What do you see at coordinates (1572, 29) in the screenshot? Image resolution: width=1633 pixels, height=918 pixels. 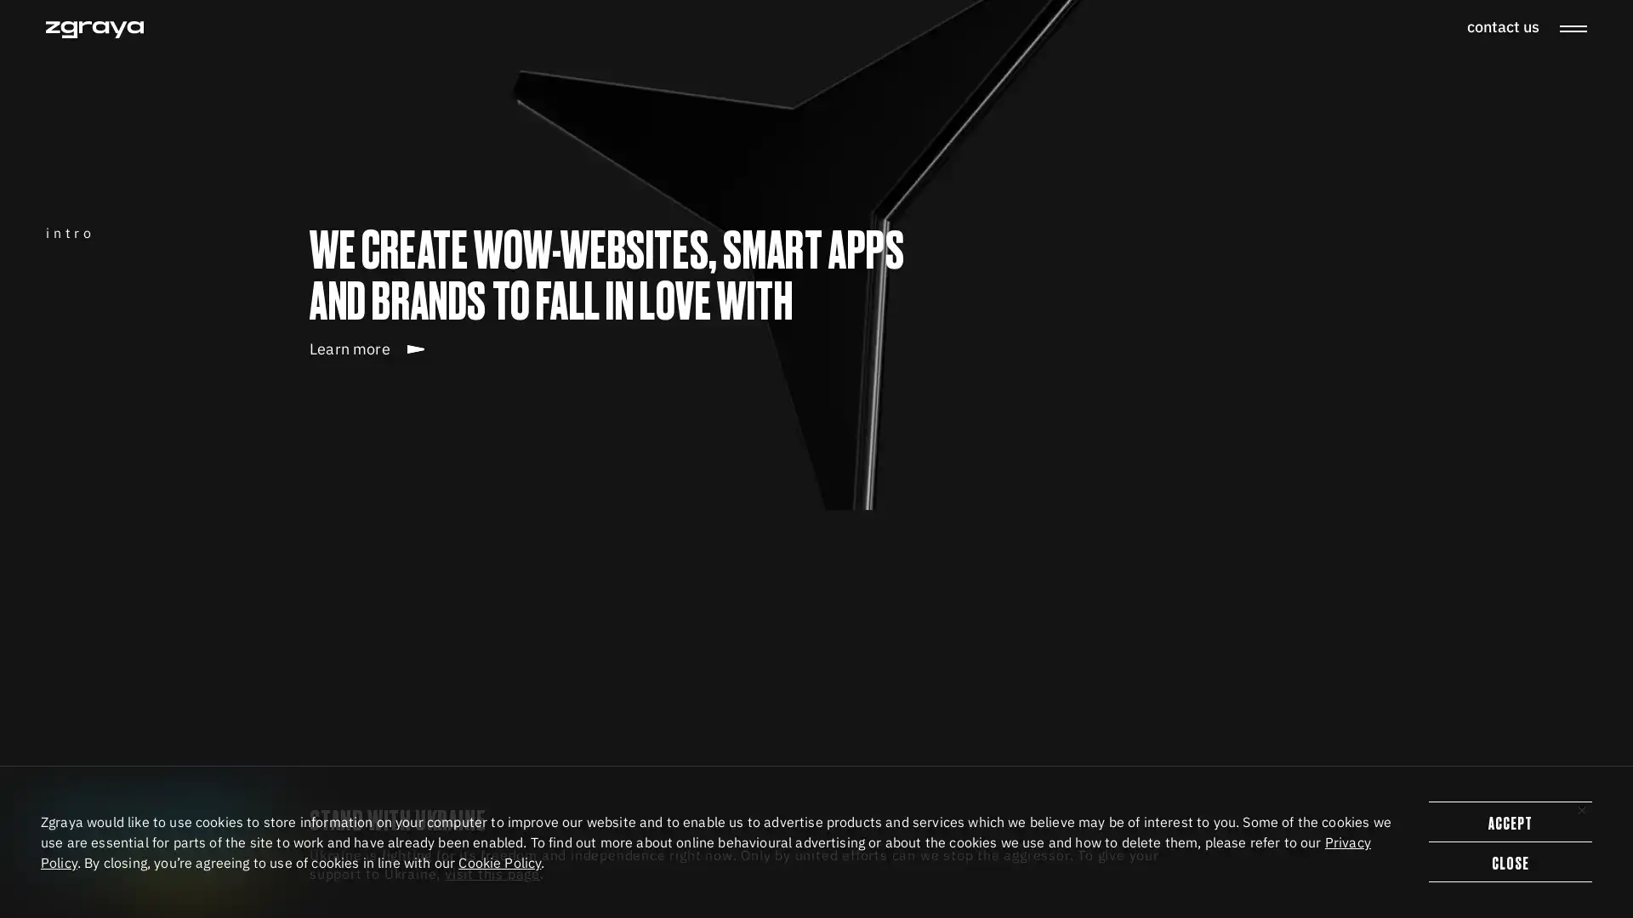 I see `Main Menu` at bounding box center [1572, 29].